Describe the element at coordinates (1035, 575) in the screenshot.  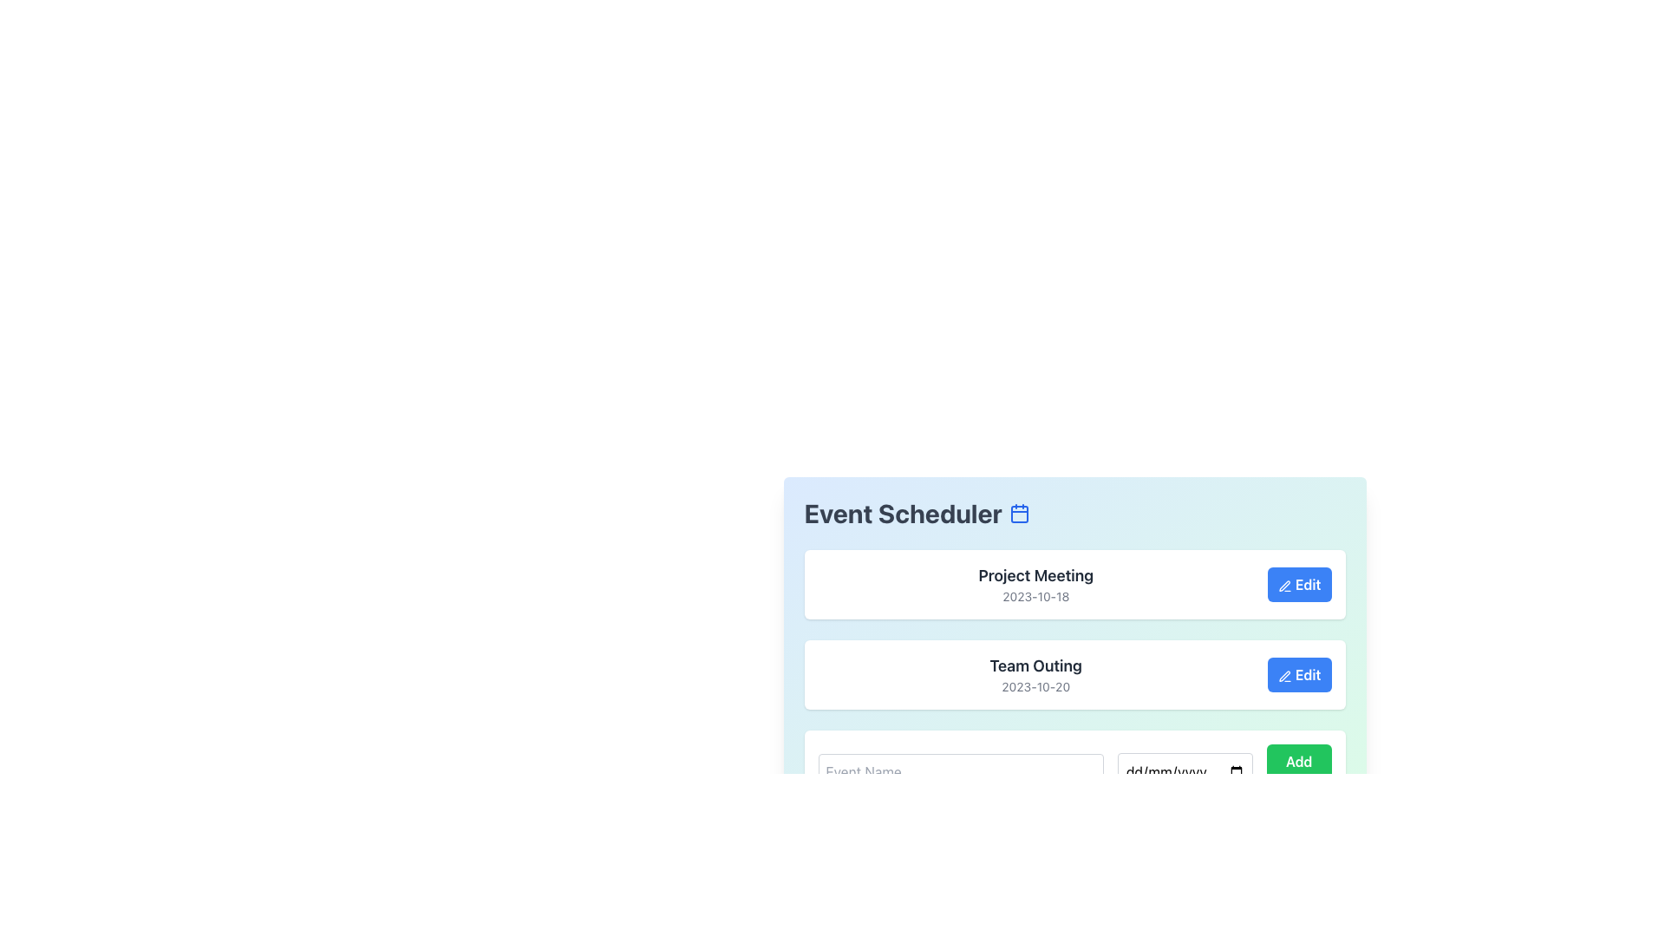
I see `the Text Label displaying 'Project Meeting' in a bold font within the event scheduler interface` at that location.